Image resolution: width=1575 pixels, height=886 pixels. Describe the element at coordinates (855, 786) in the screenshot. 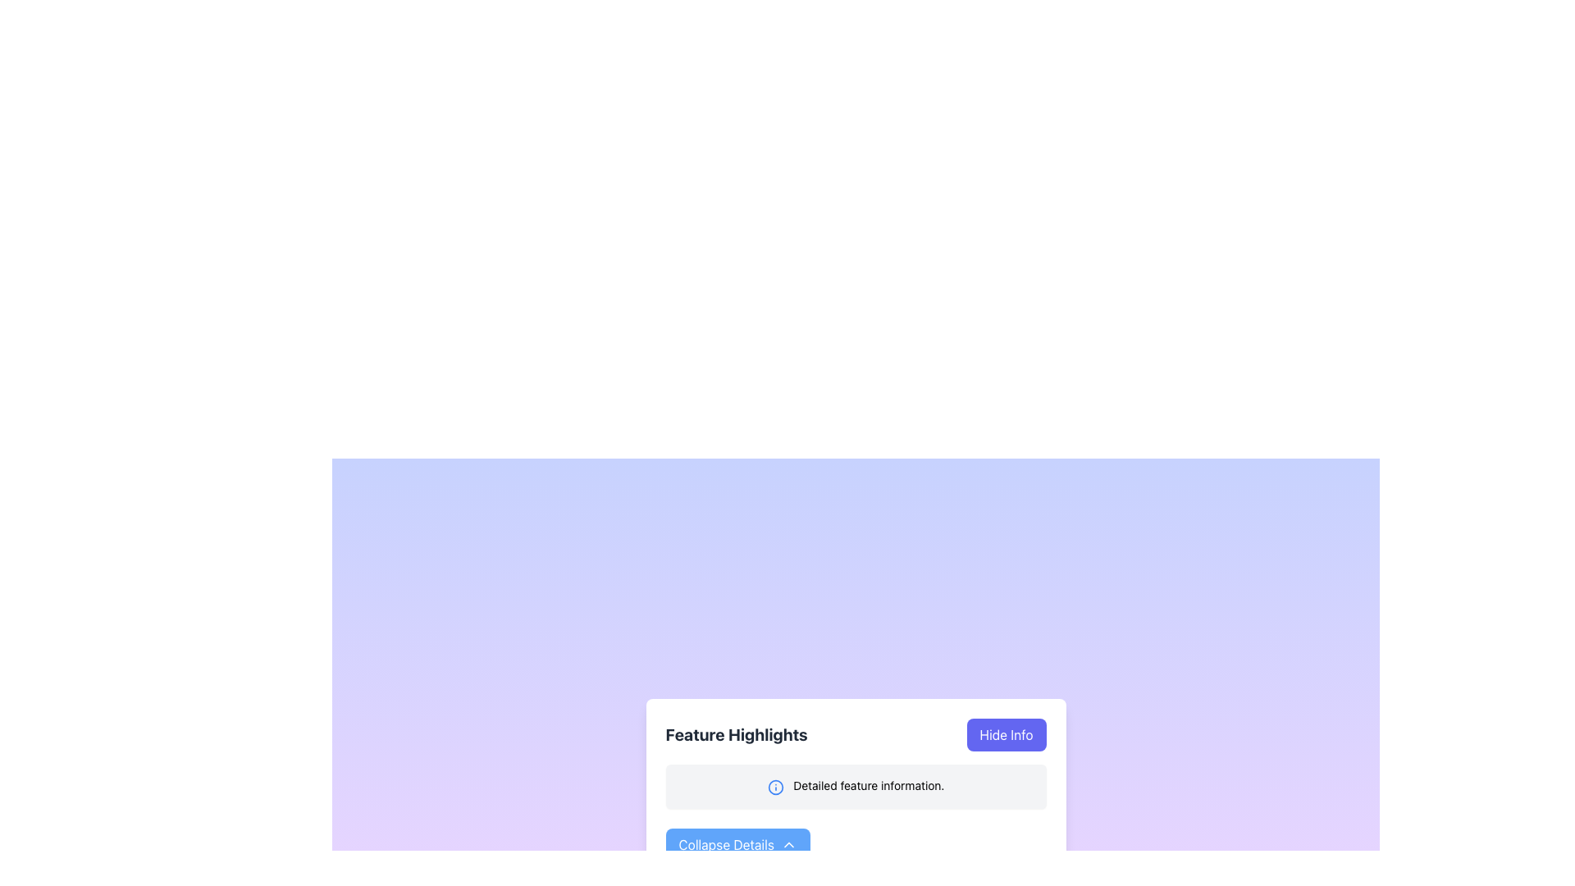

I see `the informational text panel with an icon located below the 'Feature Highlights' section title and 'Hide Info' button, and above the 'Collapse Details' button` at that location.